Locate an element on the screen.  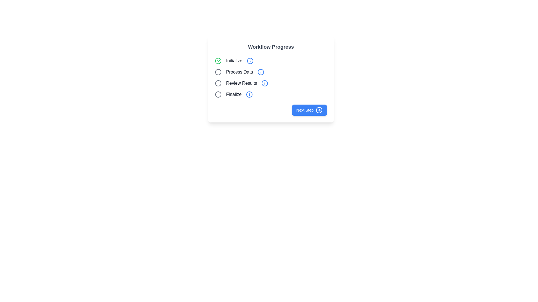
the text label that indicates the current or upcoming task in the workflow progress list is located at coordinates (239, 72).